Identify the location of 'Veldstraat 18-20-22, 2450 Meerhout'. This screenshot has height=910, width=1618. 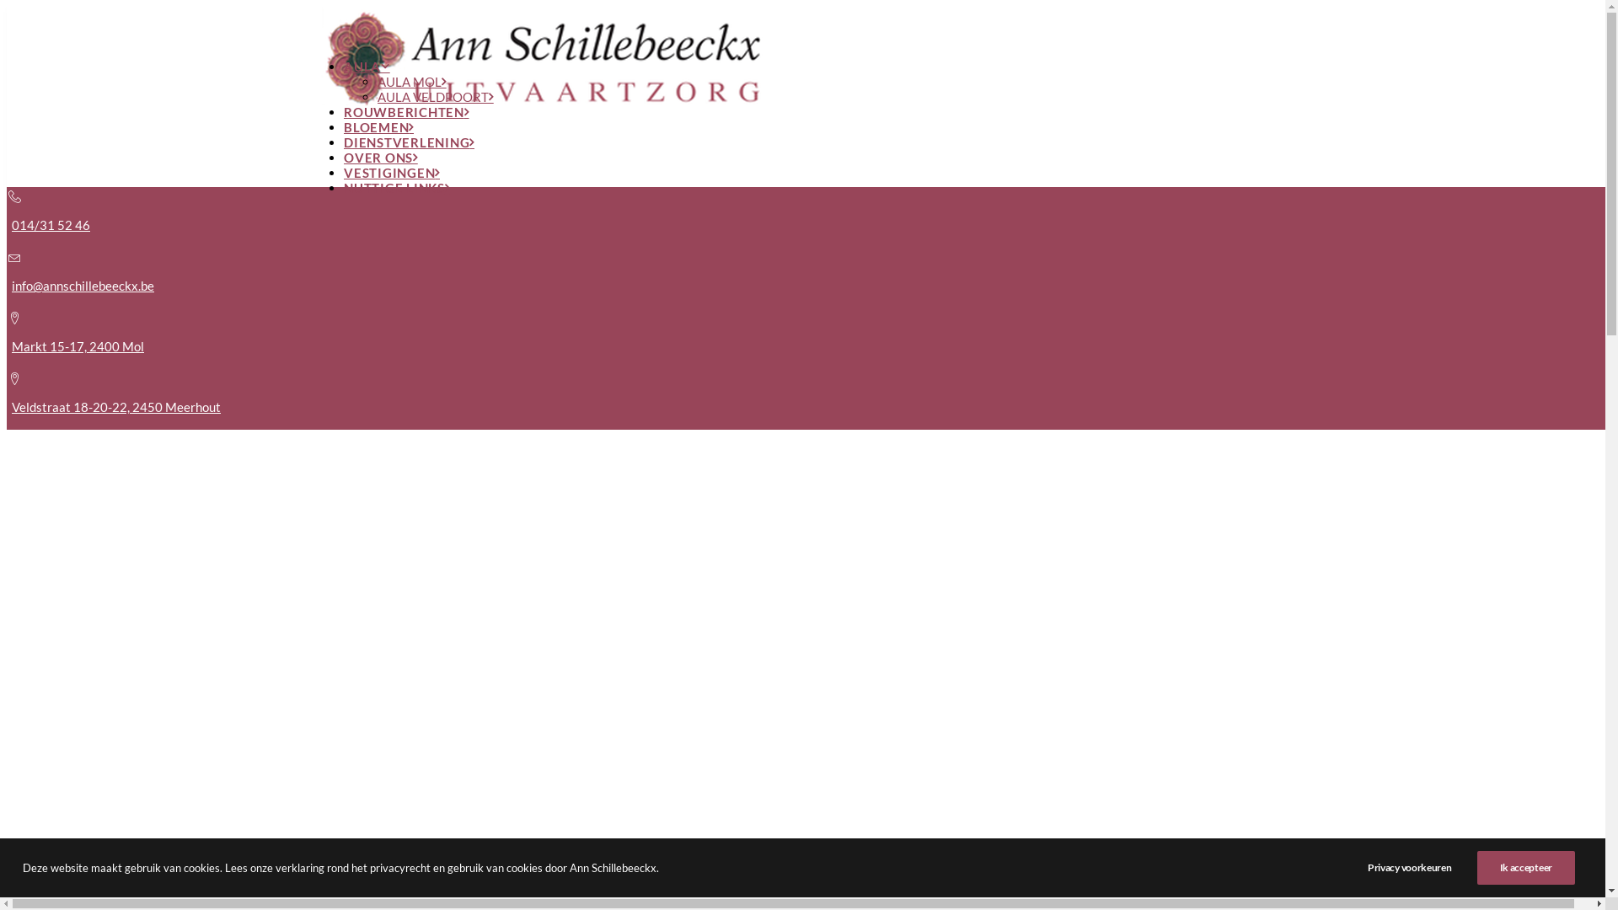
(115, 406).